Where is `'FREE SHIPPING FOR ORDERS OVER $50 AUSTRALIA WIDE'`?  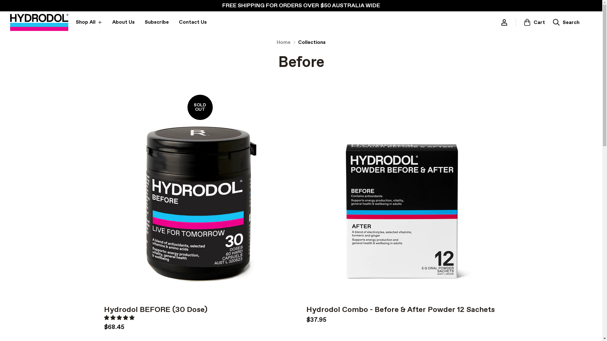
'FREE SHIPPING FOR ORDERS OVER $50 AUSTRALIA WIDE' is located at coordinates (301, 6).